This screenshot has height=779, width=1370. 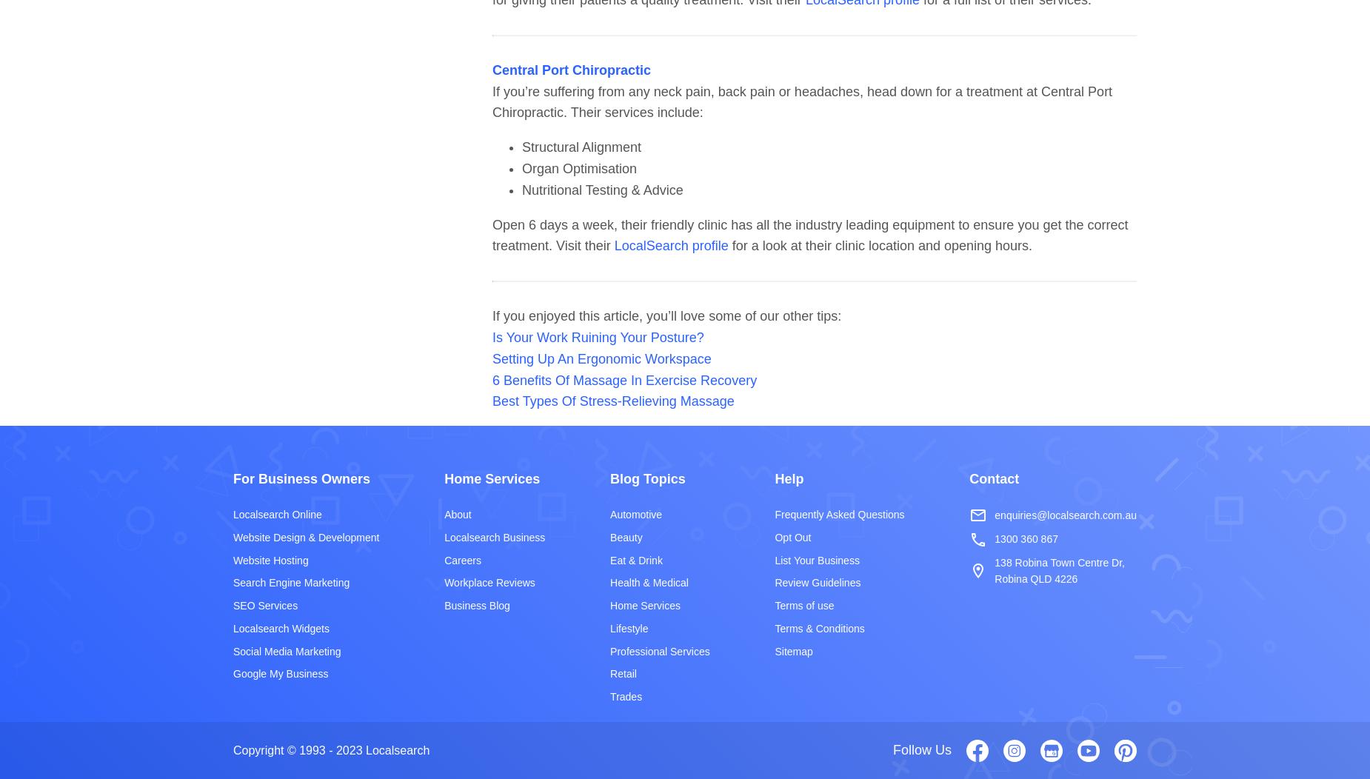 What do you see at coordinates (578, 167) in the screenshot?
I see `'Organ Optimisation'` at bounding box center [578, 167].